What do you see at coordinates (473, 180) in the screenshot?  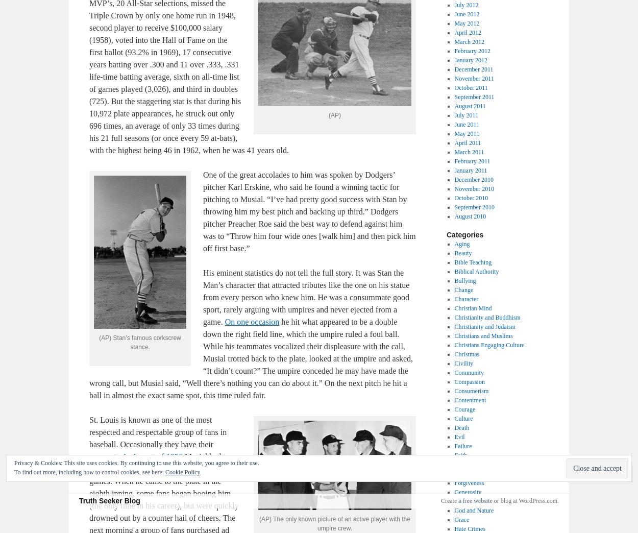 I see `'December 2010'` at bounding box center [473, 180].